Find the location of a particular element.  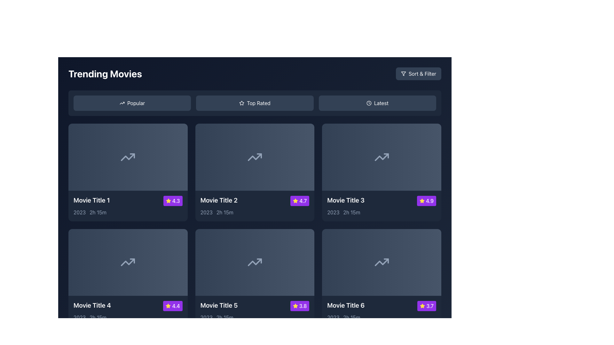

the rating value displayed in the Rating Badge located at the top-right corner of the card for 'Movie Title 3' is located at coordinates (427, 200).